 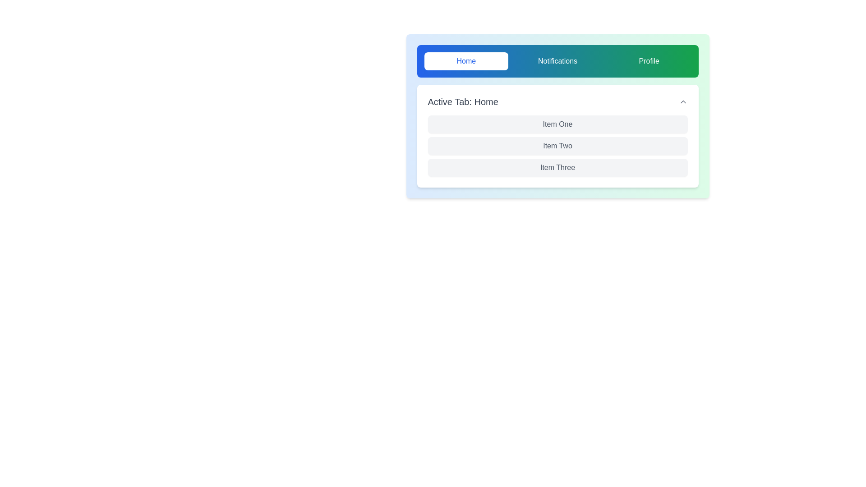 What do you see at coordinates (463, 101) in the screenshot?
I see `the Text Label that displays information about the currently active tab or section, located near the top left corner of the content area` at bounding box center [463, 101].